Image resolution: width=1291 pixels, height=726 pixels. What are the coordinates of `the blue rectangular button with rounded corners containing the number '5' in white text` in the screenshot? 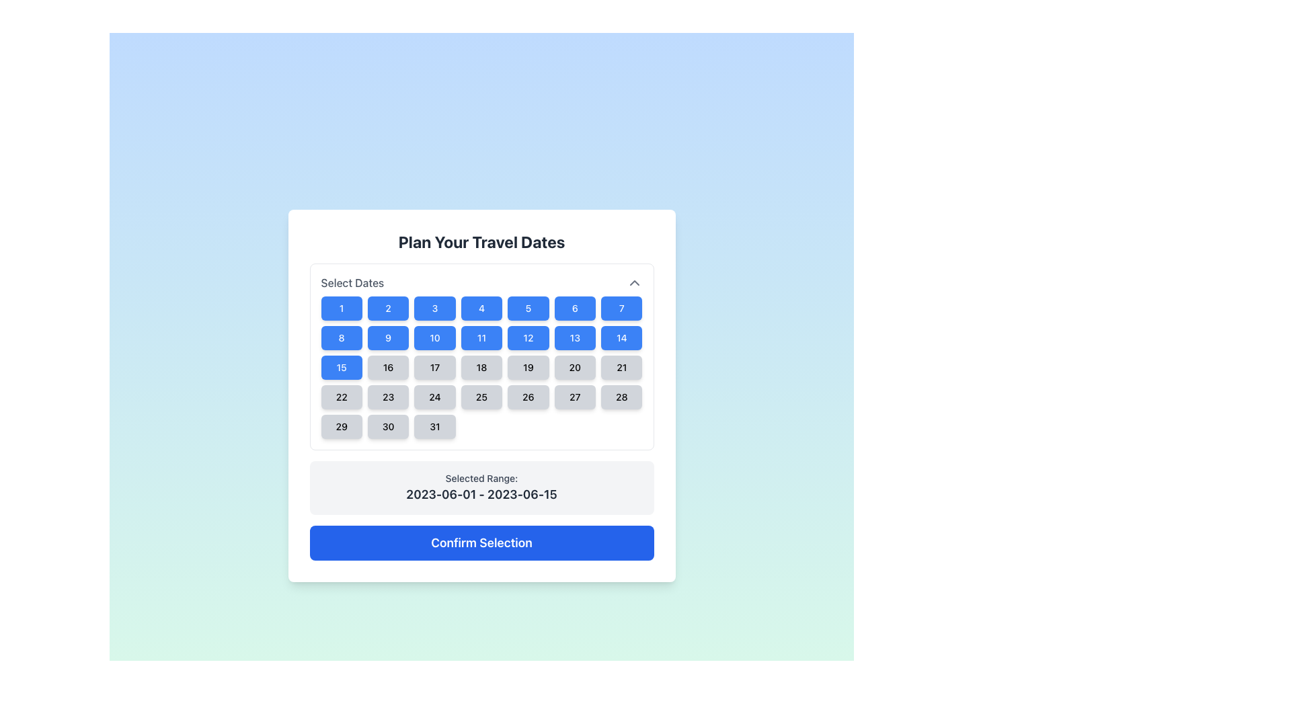 It's located at (527, 309).